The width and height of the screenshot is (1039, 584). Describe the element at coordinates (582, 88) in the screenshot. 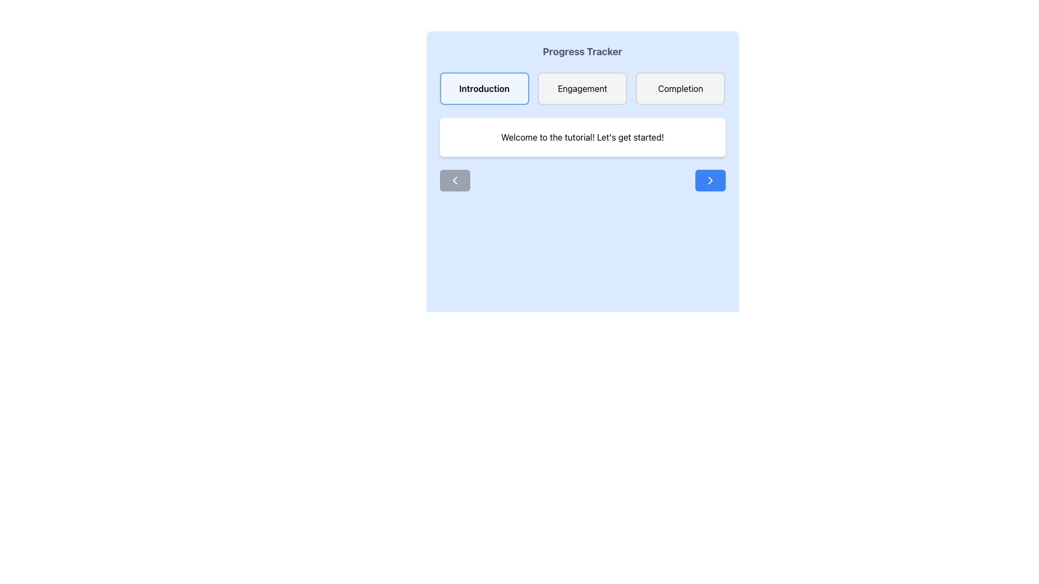

I see `the 'Engagement' button, which is a rectangular button with a light gray background and black text` at that location.